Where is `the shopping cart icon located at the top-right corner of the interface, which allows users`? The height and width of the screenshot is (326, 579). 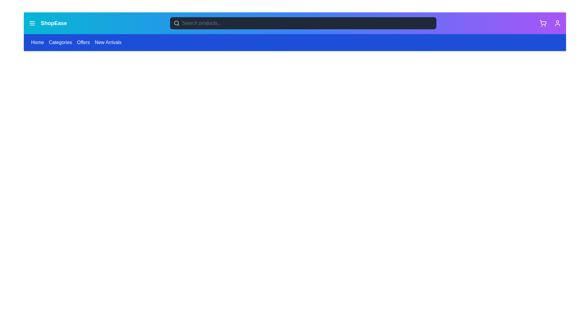
the shopping cart icon located at the top-right corner of the interface, which allows users is located at coordinates (543, 22).